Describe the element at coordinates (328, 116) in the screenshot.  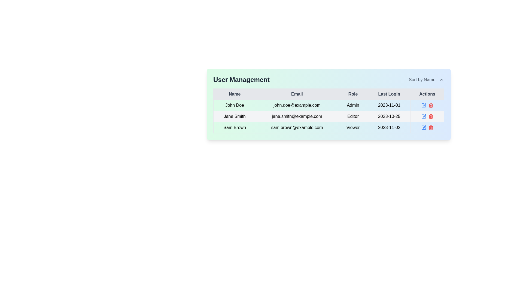
I see `the second row in the user data table, which contains the email 'jane.smith@example.com'` at that location.